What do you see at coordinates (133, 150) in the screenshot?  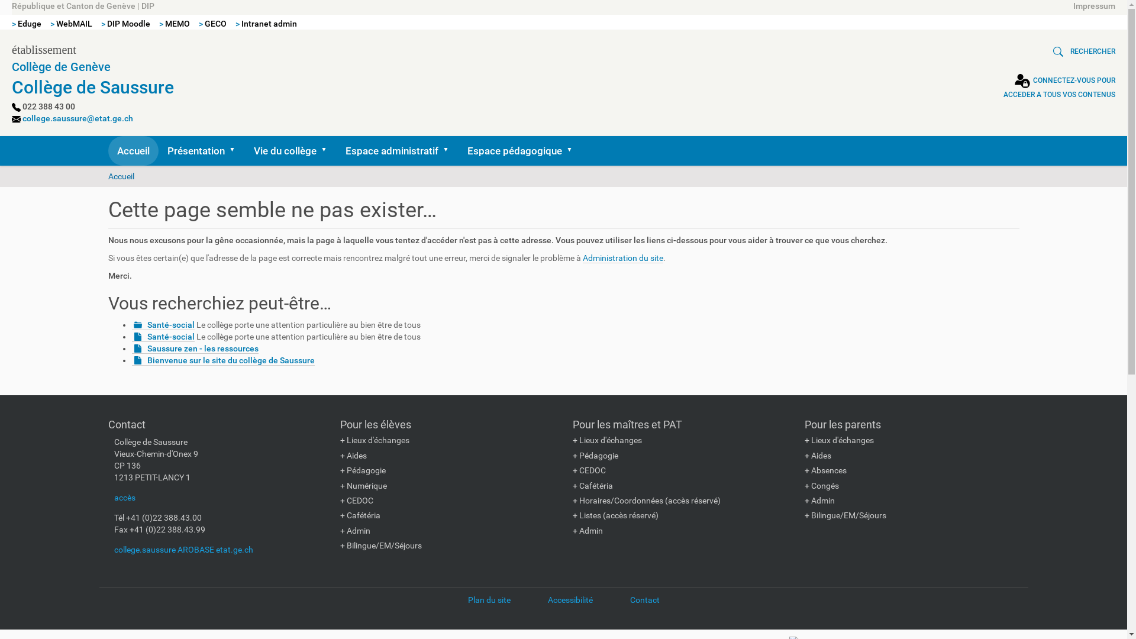 I see `'Accueil'` at bounding box center [133, 150].